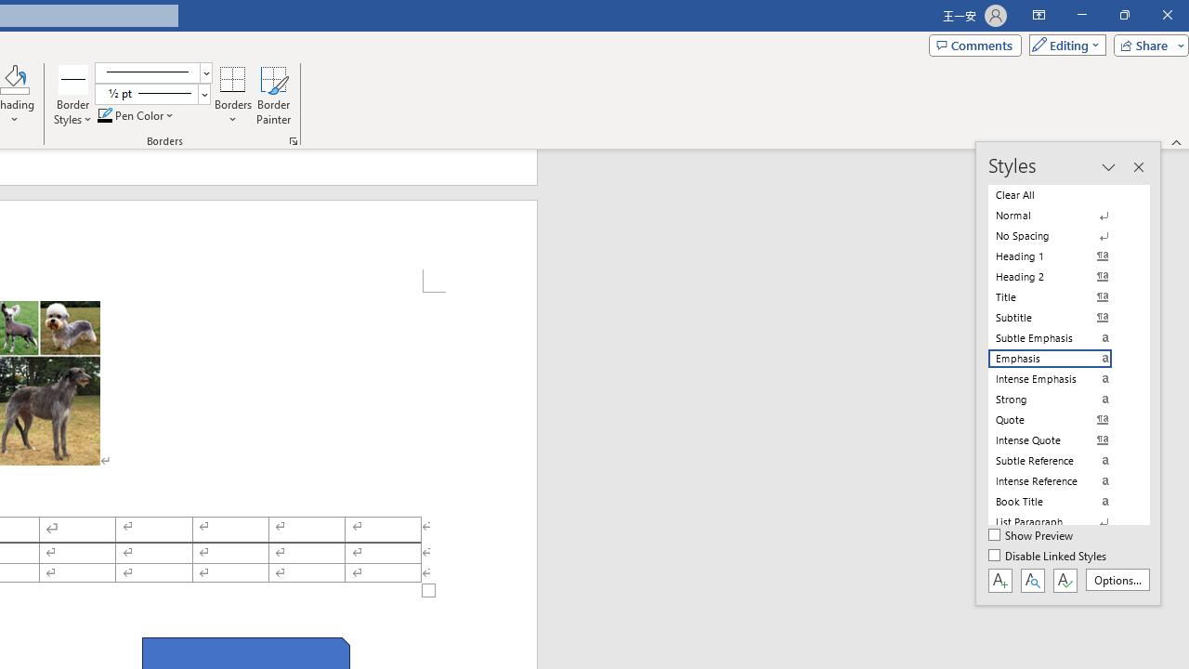 Image resolution: width=1189 pixels, height=669 pixels. What do you see at coordinates (152, 94) in the screenshot?
I see `'Pen Weight'` at bounding box center [152, 94].